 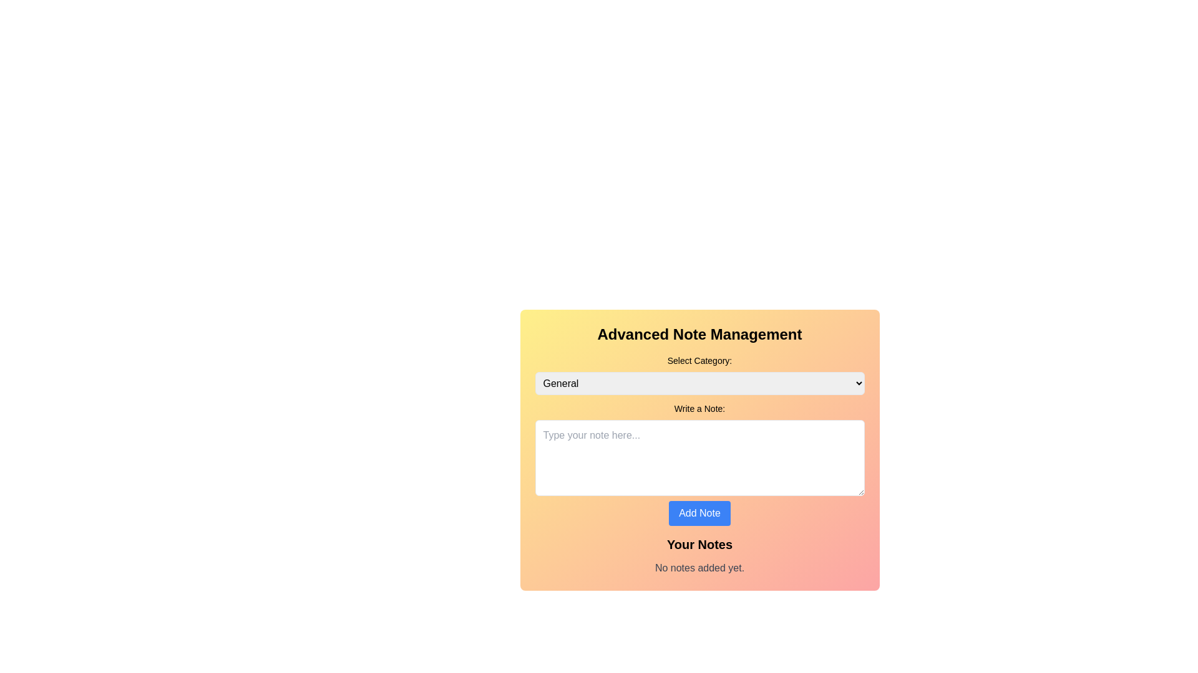 What do you see at coordinates (699, 383) in the screenshot?
I see `an option from the dropdown menu labeled 'General' located in the 'Select Category' section of the interface` at bounding box center [699, 383].